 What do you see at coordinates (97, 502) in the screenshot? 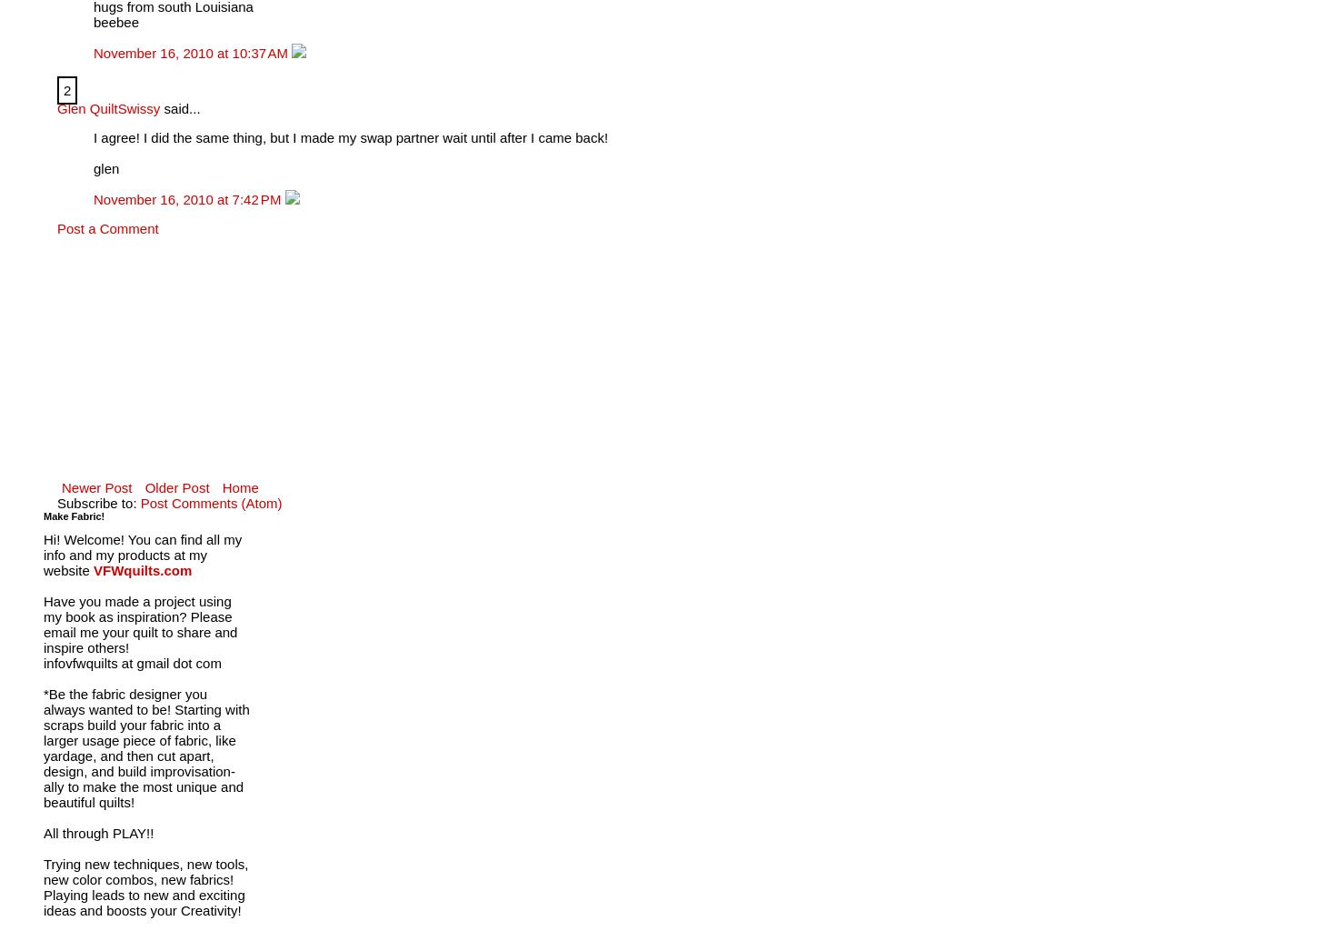
I see `'Subscribe to:'` at bounding box center [97, 502].